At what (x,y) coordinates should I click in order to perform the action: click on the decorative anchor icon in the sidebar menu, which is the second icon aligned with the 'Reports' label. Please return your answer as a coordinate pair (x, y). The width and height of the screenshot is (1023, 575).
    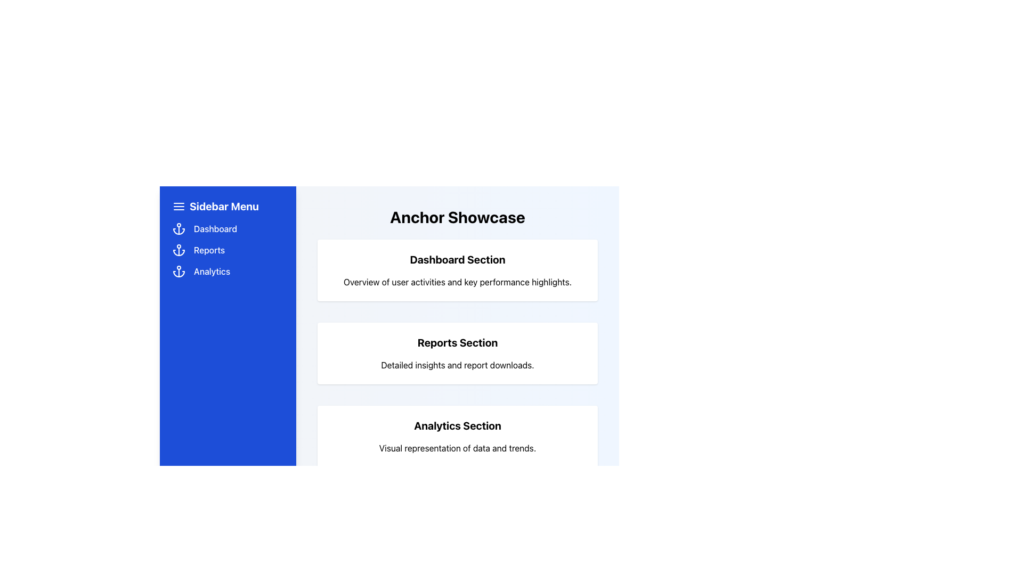
    Looking at the image, I should click on (179, 250).